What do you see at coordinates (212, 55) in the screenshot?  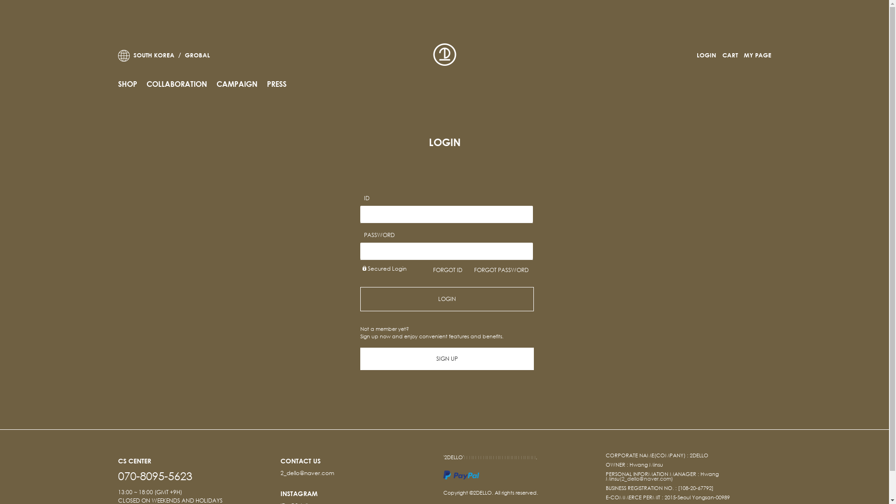 I see `'  GROBAL'` at bounding box center [212, 55].